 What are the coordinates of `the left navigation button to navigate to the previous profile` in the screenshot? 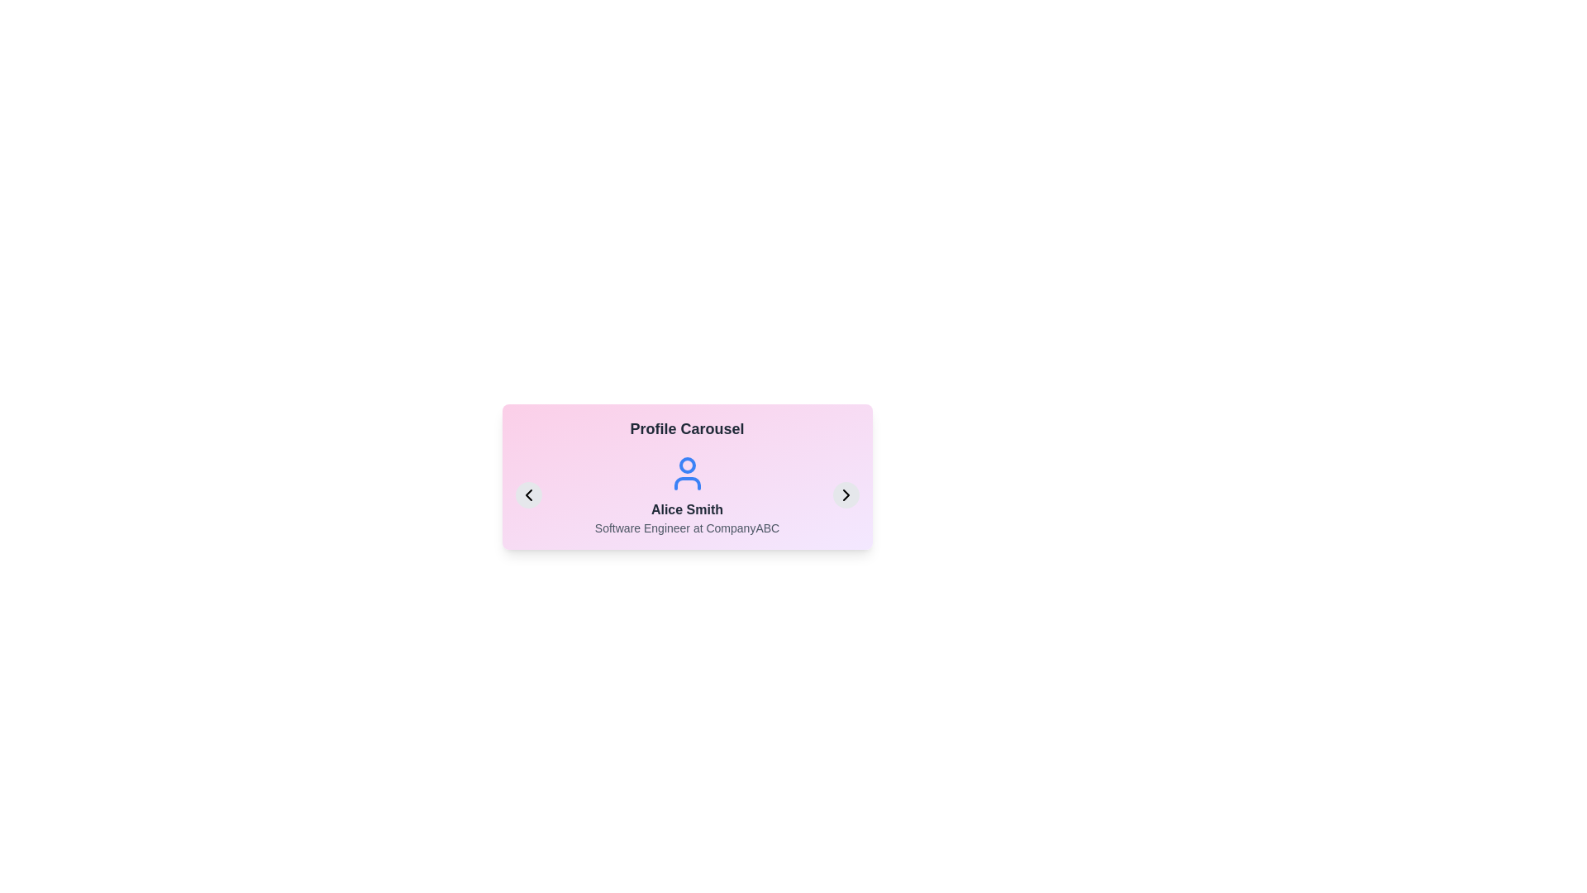 It's located at (527, 494).